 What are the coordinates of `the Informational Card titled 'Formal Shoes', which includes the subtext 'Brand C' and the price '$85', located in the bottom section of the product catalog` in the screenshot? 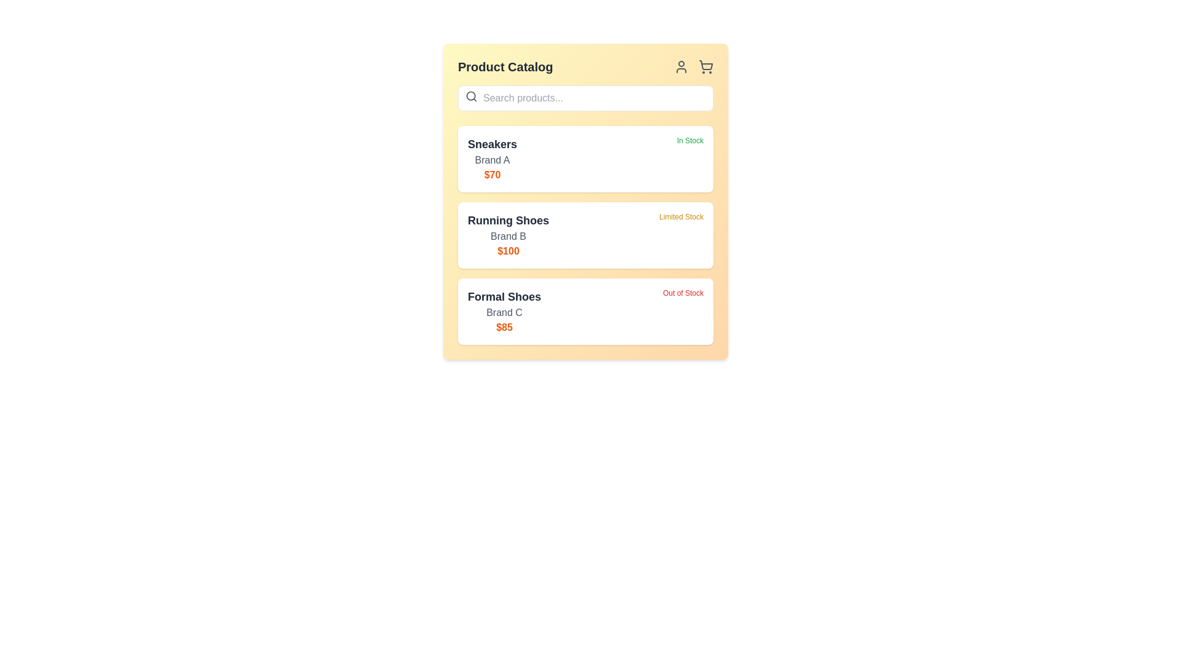 It's located at (504, 310).